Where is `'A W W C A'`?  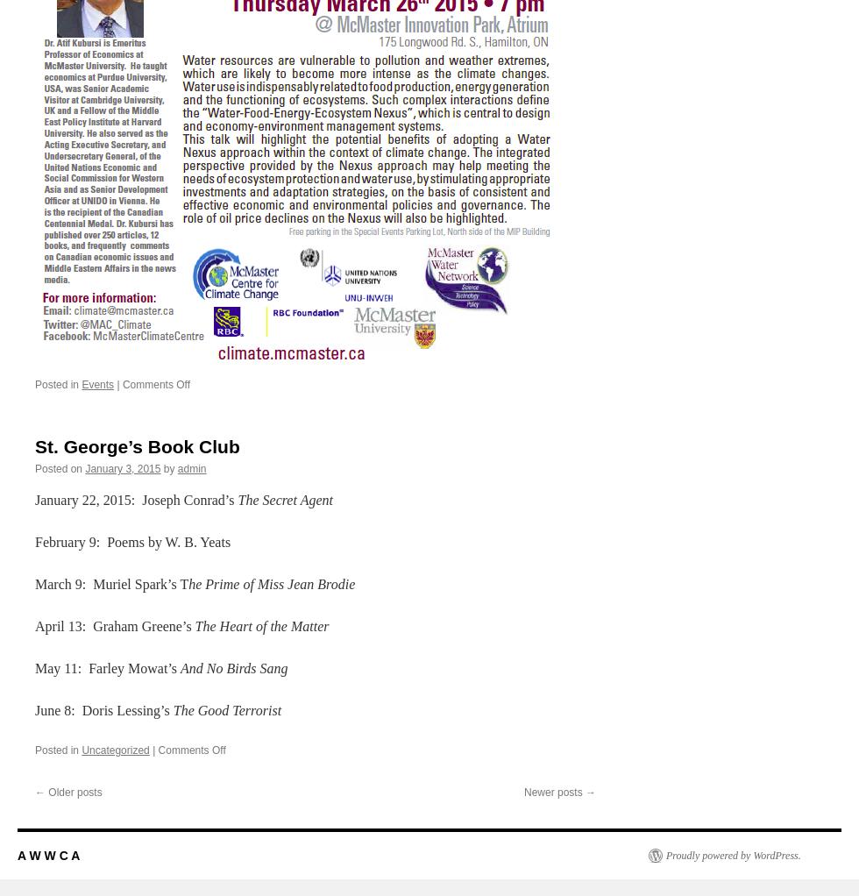
'A W W C A' is located at coordinates (48, 853).